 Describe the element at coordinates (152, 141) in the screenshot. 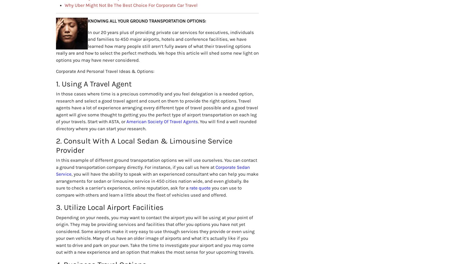

I see `'Links'` at that location.